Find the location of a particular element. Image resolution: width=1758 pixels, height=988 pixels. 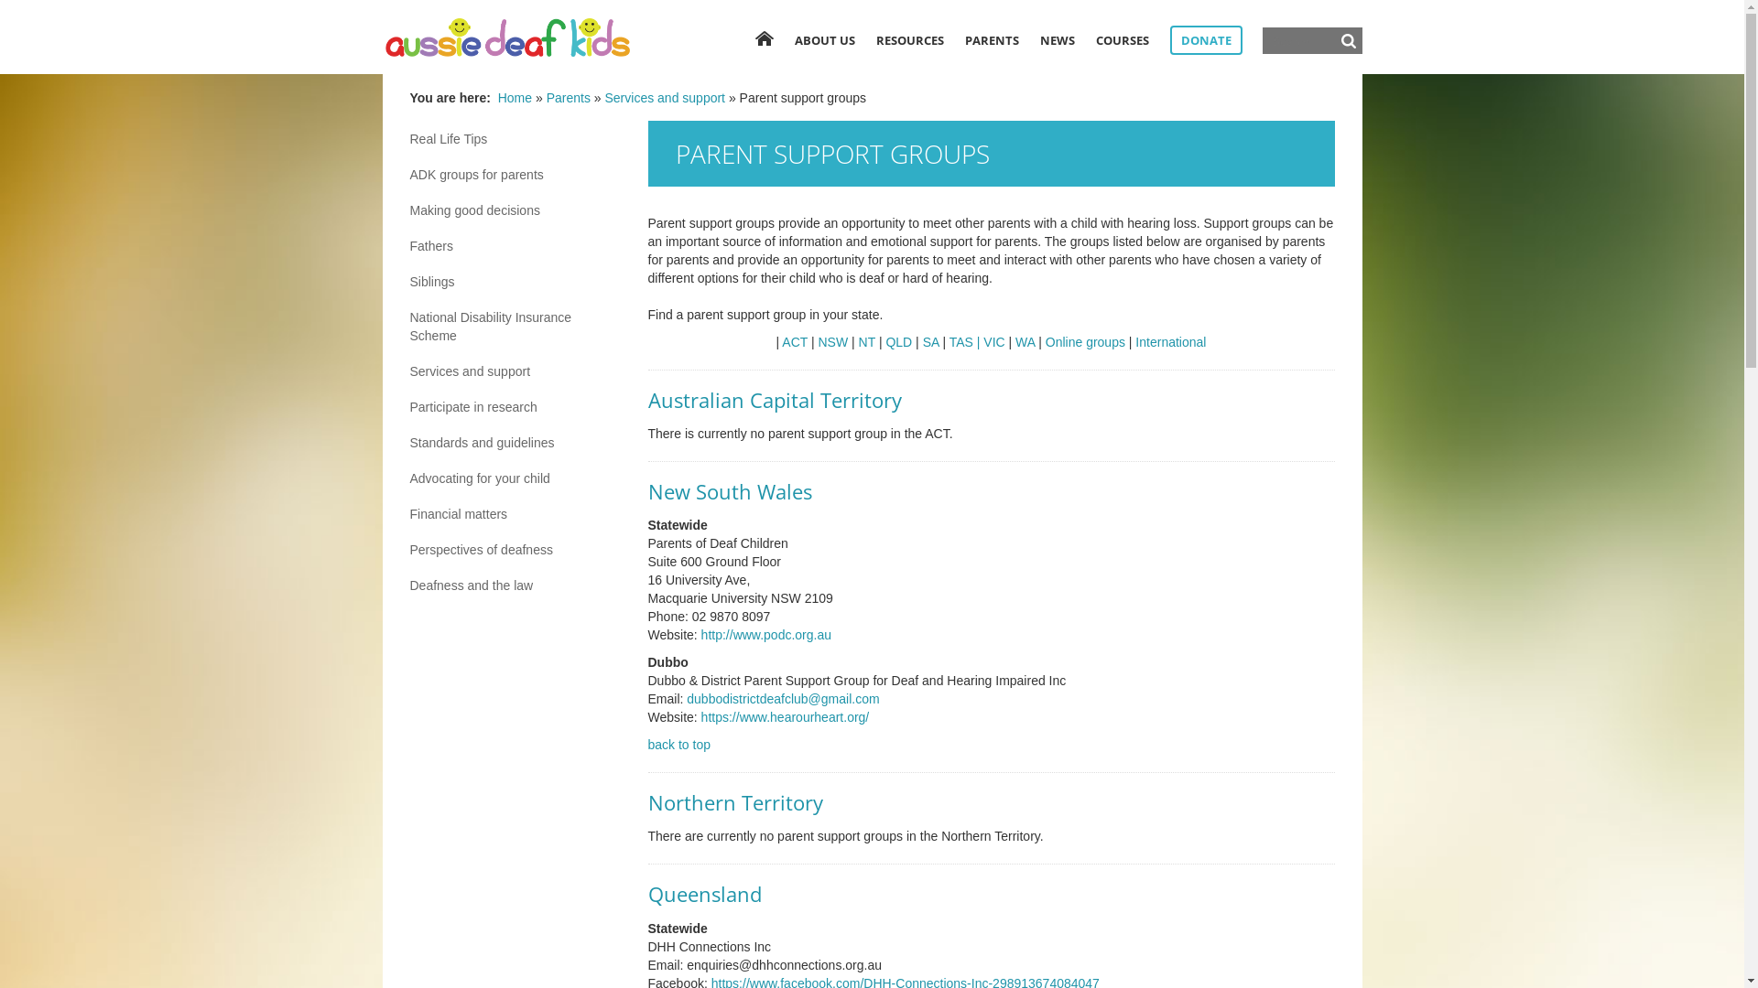

'PARENTS' is located at coordinates (991, 39).